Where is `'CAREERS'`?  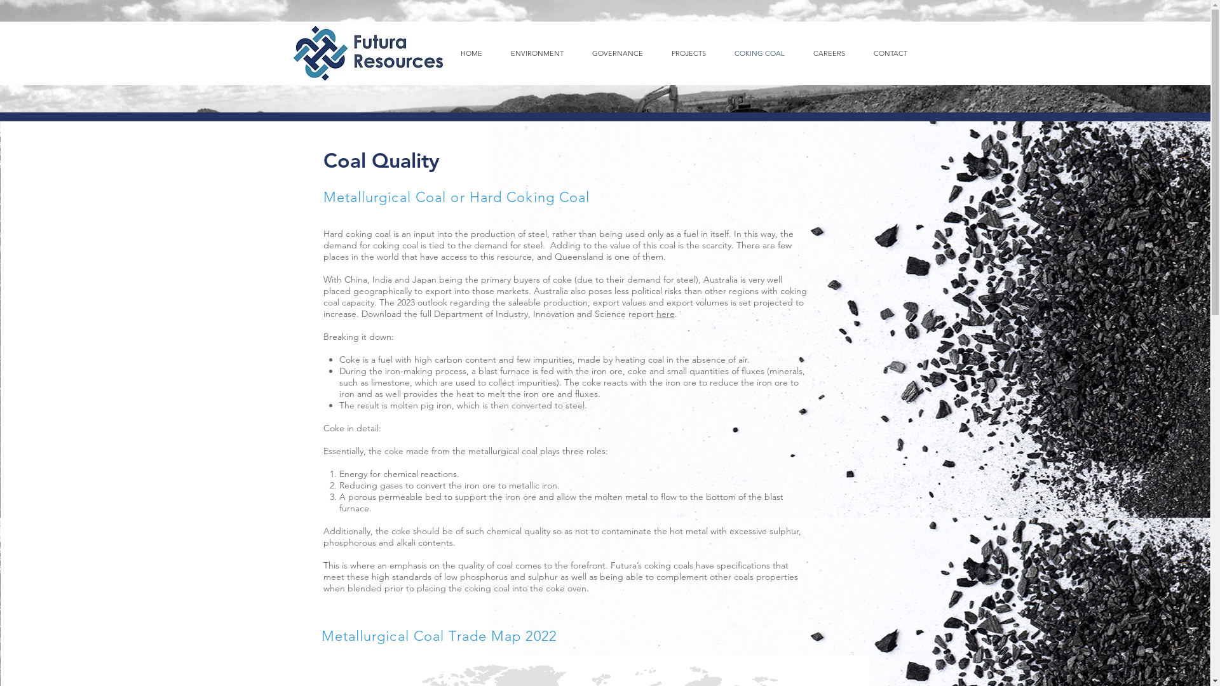
'CAREERS' is located at coordinates (829, 53).